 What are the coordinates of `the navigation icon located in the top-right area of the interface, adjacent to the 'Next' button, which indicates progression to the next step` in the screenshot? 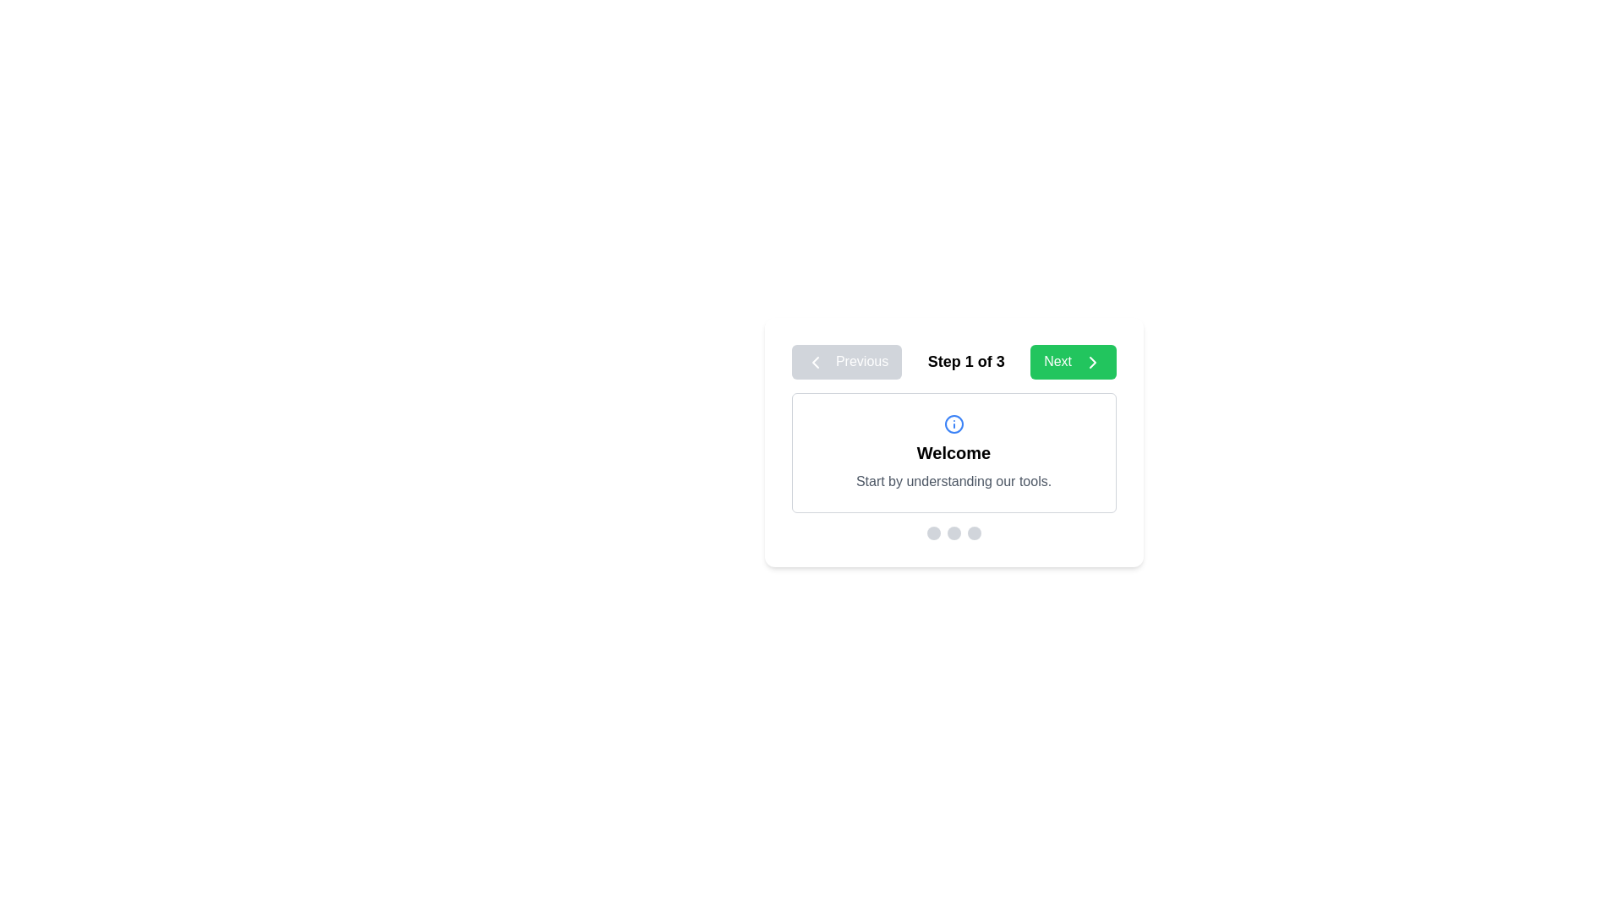 It's located at (1092, 361).